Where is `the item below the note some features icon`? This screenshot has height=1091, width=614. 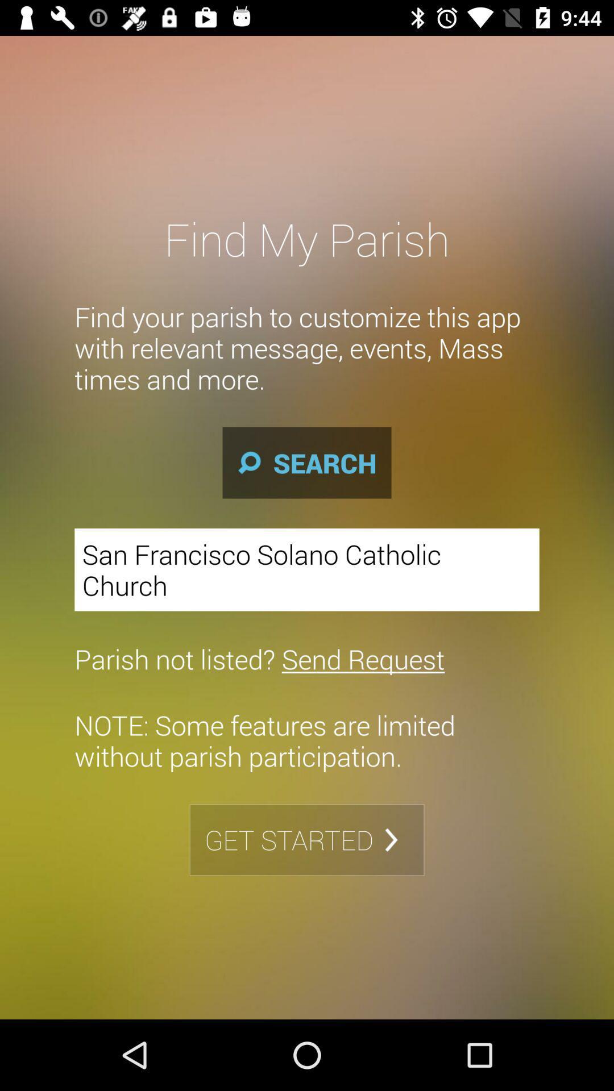
the item below the note some features icon is located at coordinates (307, 840).